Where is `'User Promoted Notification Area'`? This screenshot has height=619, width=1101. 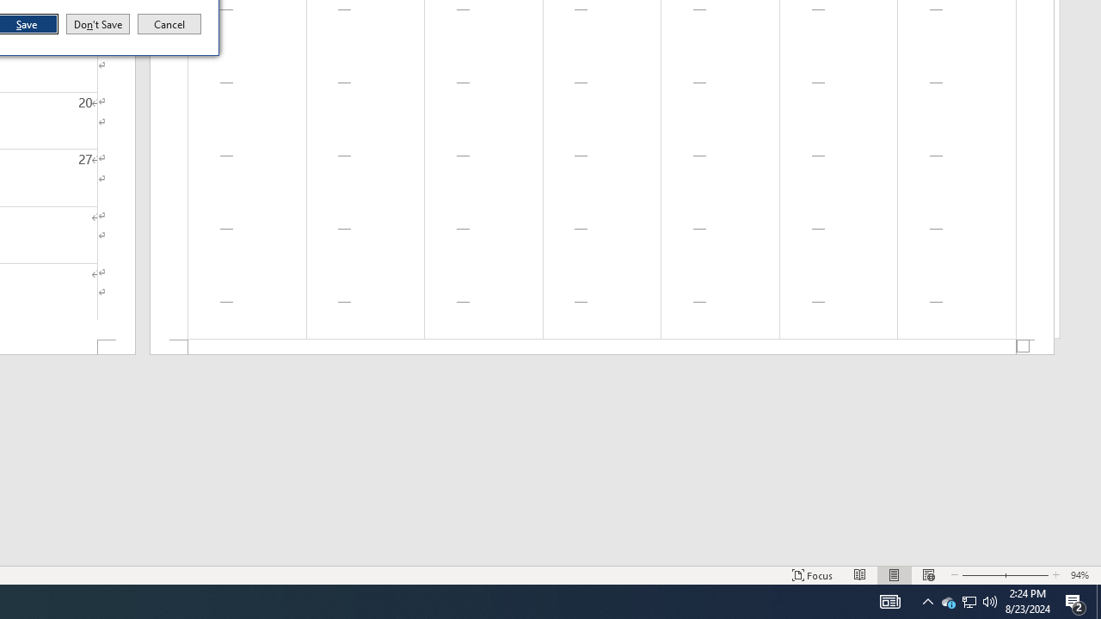 'User Promoted Notification Area' is located at coordinates (969, 600).